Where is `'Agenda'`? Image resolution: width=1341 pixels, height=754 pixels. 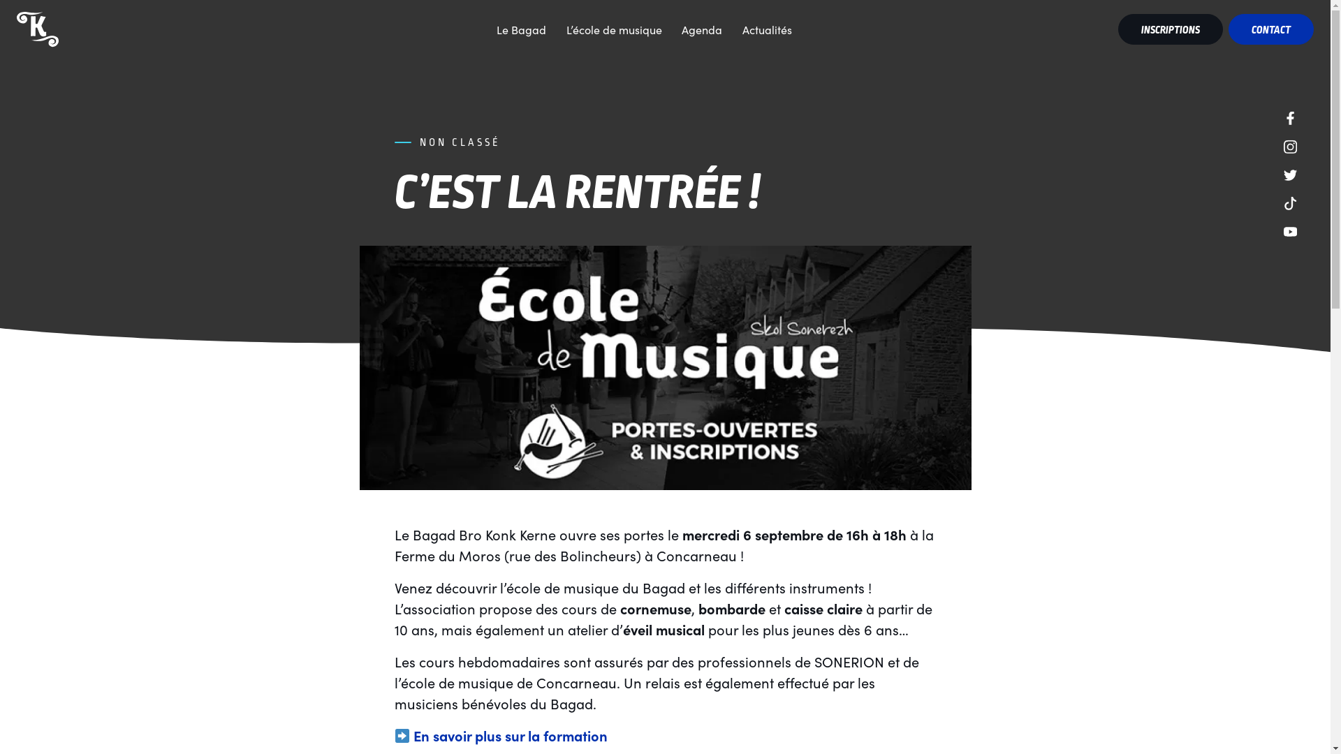
'Agenda' is located at coordinates (702, 29).